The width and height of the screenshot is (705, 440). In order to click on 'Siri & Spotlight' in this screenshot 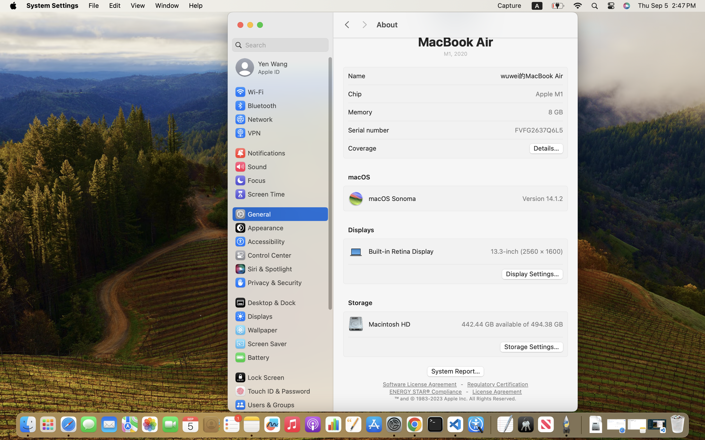, I will do `click(263, 268)`.